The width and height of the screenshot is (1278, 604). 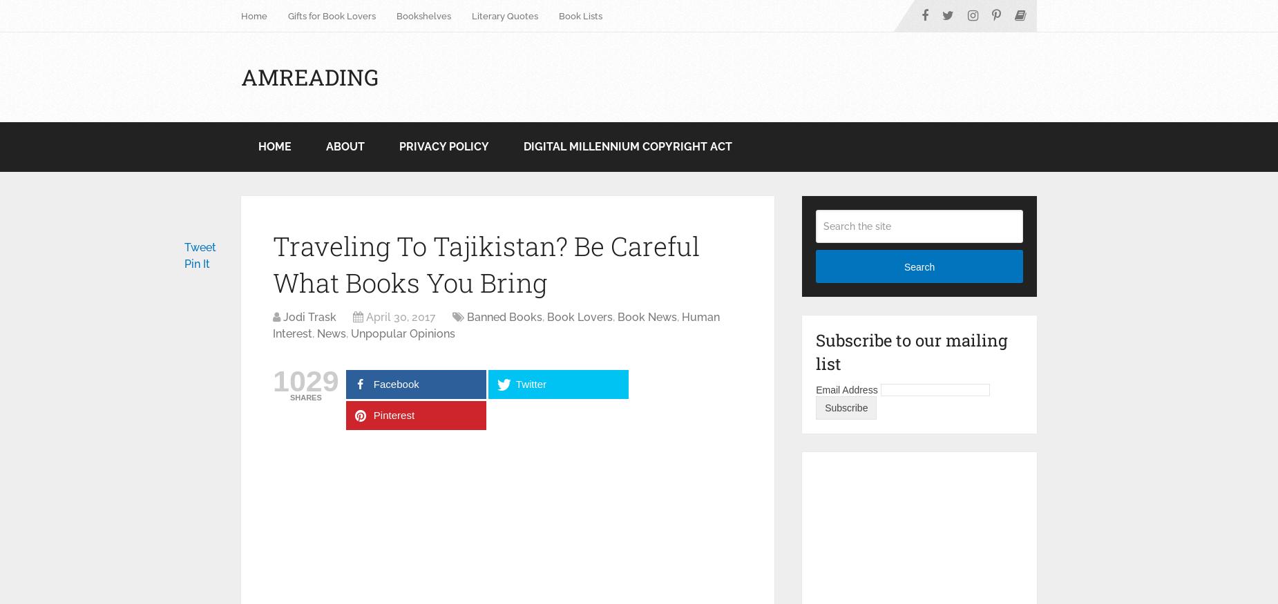 What do you see at coordinates (271, 325) in the screenshot?
I see `'Human Interest'` at bounding box center [271, 325].